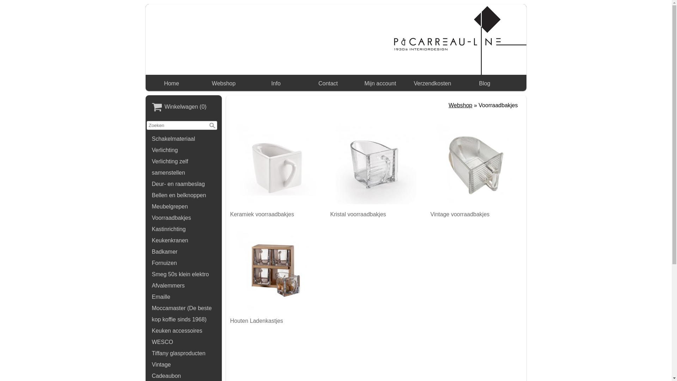  Describe the element at coordinates (184, 331) in the screenshot. I see `'Keuken accessoires'` at that location.